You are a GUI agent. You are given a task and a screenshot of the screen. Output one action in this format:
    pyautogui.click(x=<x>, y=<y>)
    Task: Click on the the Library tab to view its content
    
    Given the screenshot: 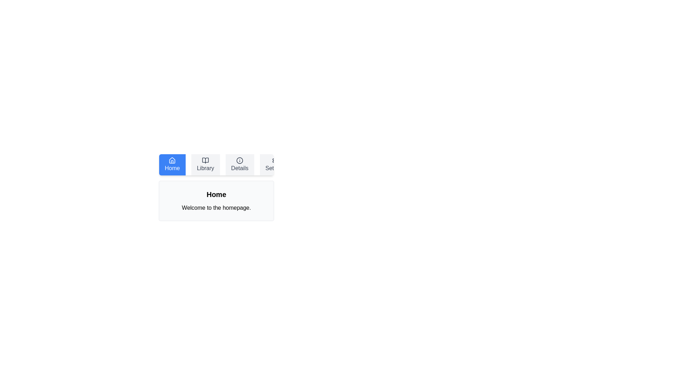 What is the action you would take?
    pyautogui.click(x=205, y=165)
    